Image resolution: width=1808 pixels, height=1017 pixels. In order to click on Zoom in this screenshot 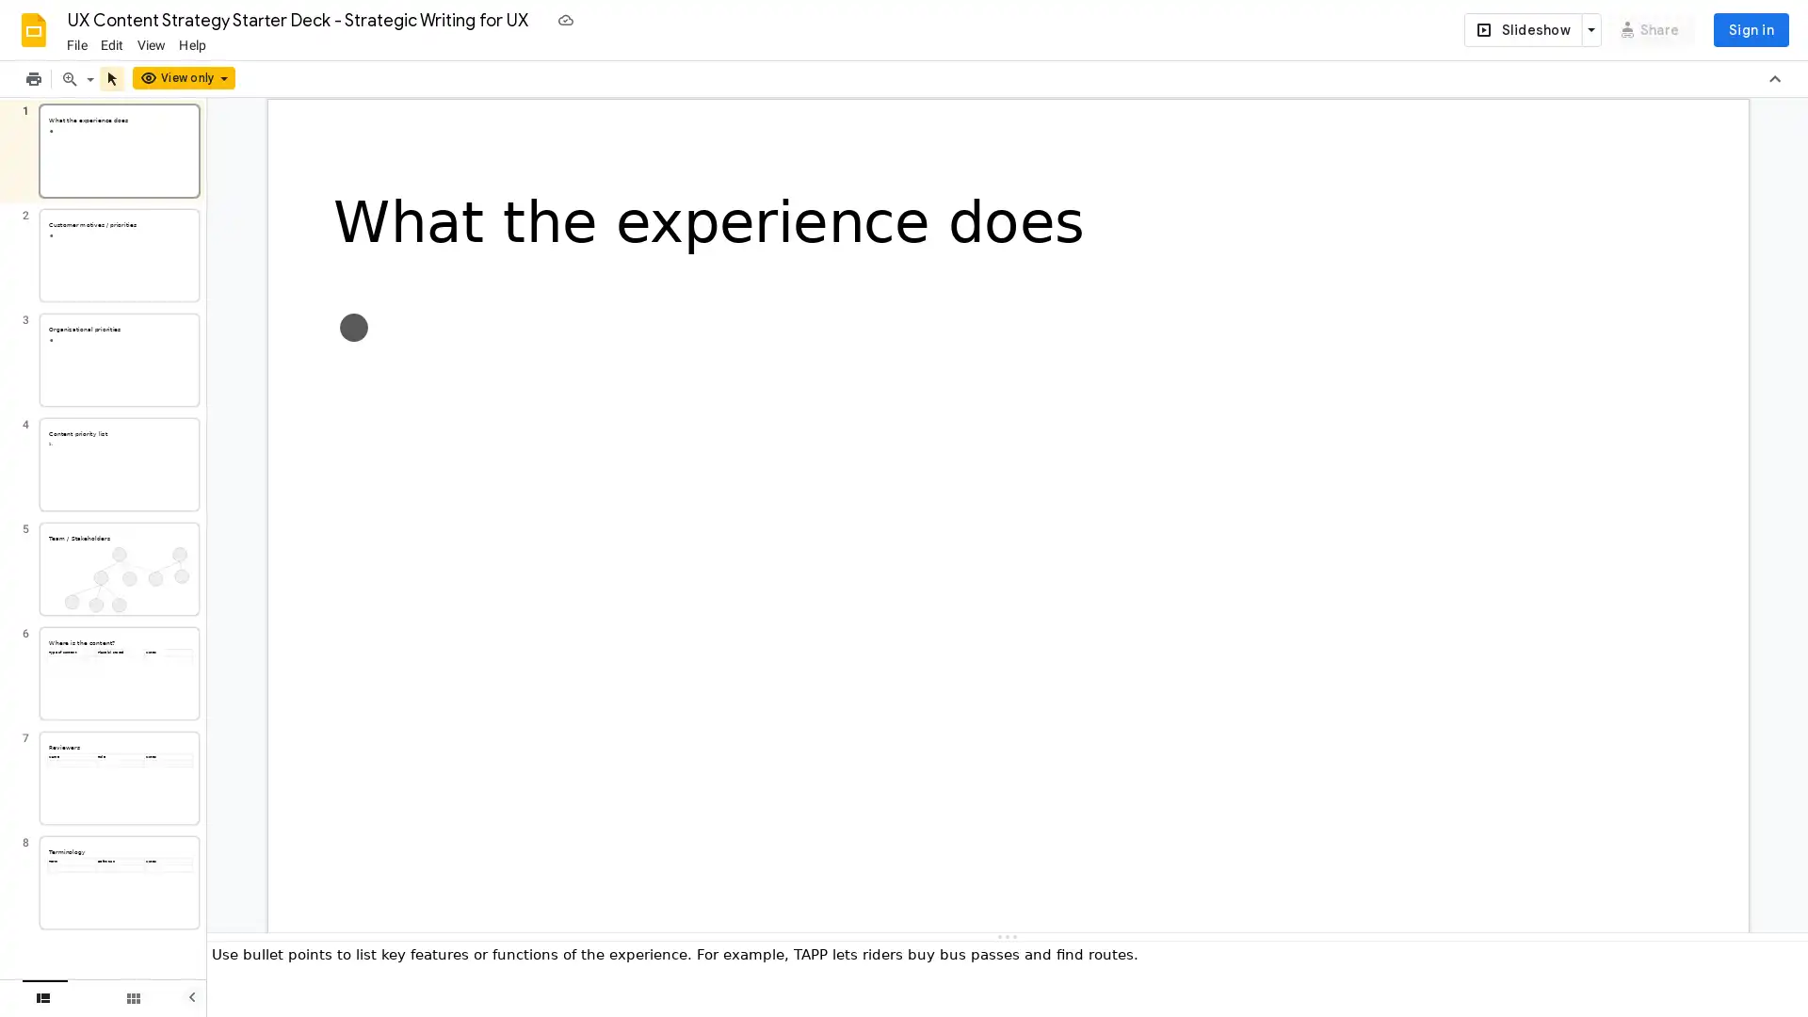, I will do `click(89, 78)`.